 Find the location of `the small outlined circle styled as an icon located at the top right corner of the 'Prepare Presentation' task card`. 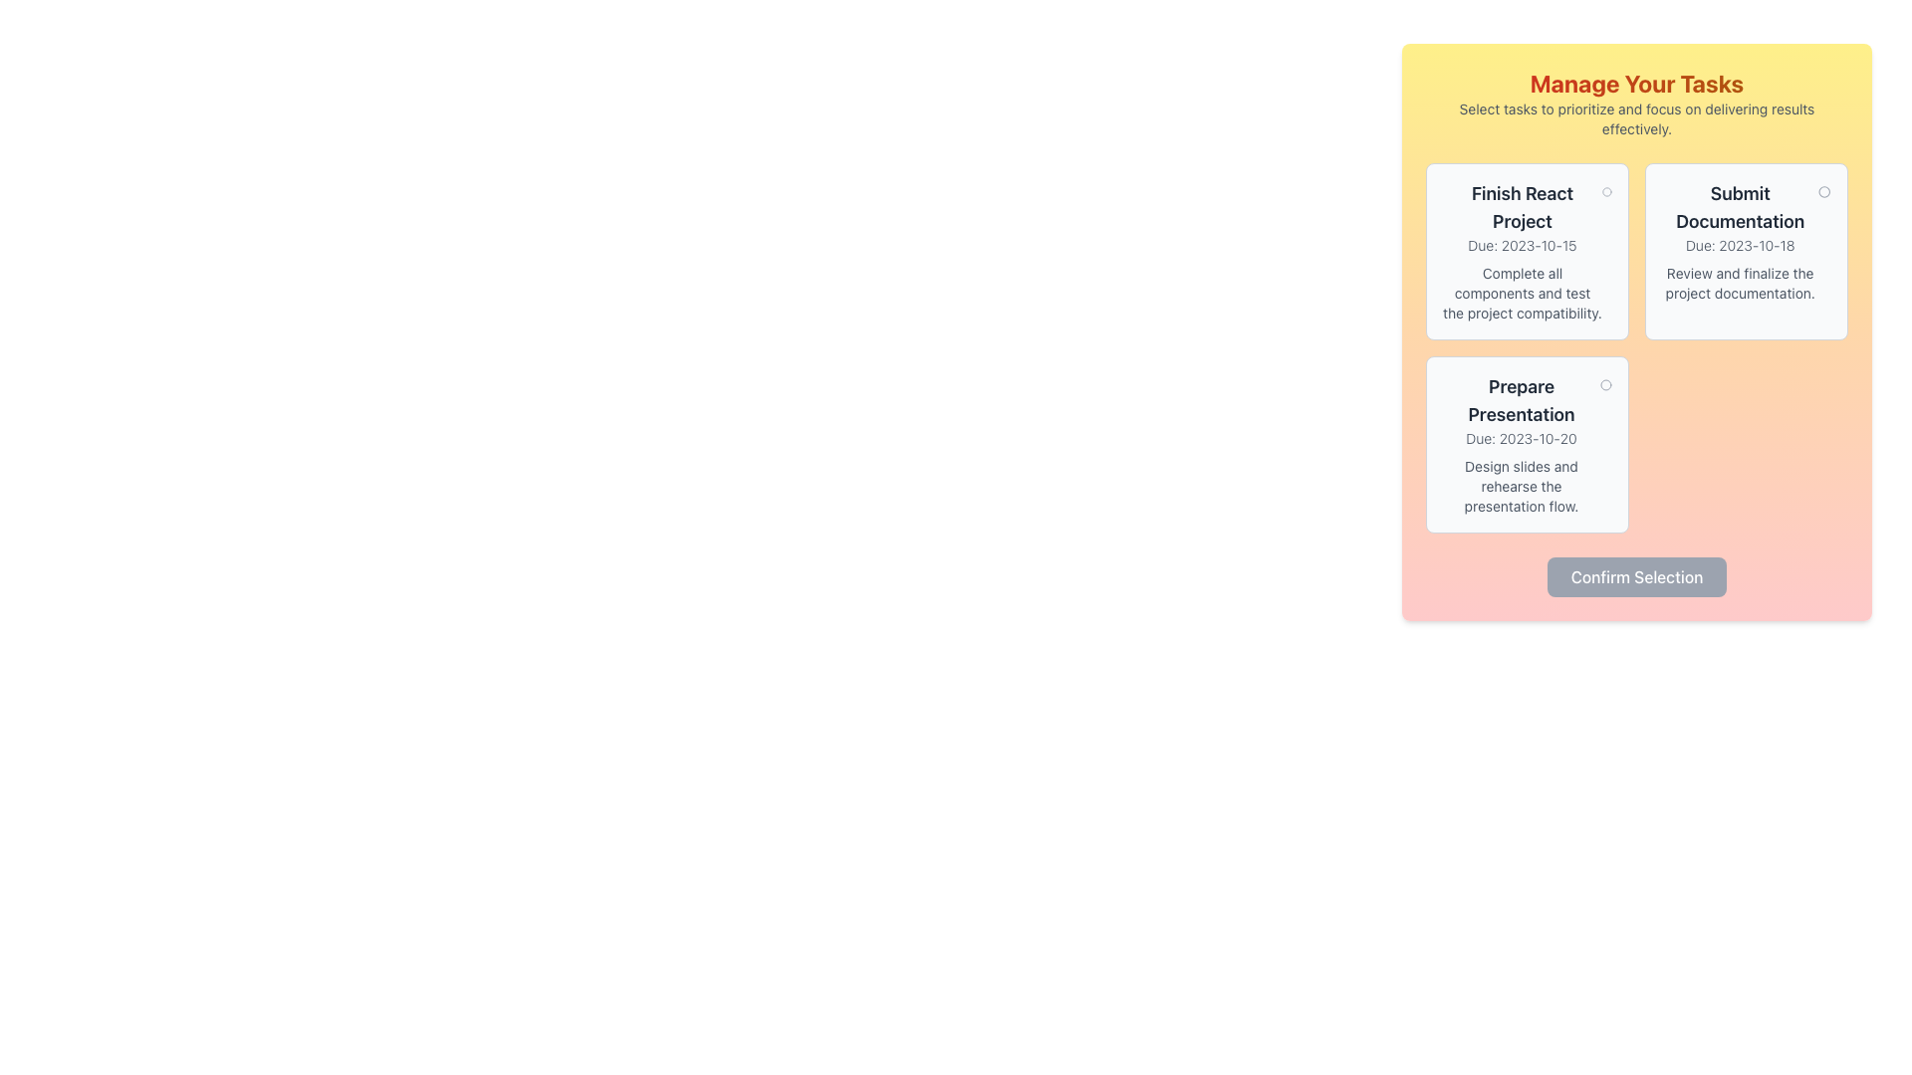

the small outlined circle styled as an icon located at the top right corner of the 'Prepare Presentation' task card is located at coordinates (1605, 384).